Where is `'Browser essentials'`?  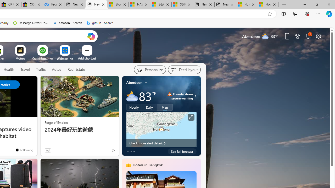 'Browser essentials' is located at coordinates (306, 13).